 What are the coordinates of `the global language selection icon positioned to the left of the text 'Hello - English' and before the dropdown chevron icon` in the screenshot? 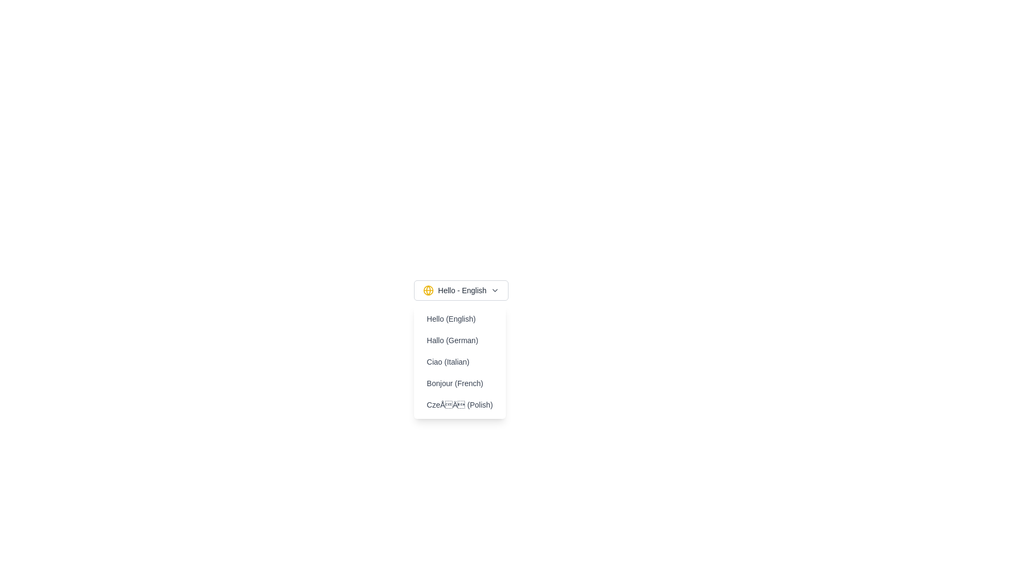 It's located at (427, 290).